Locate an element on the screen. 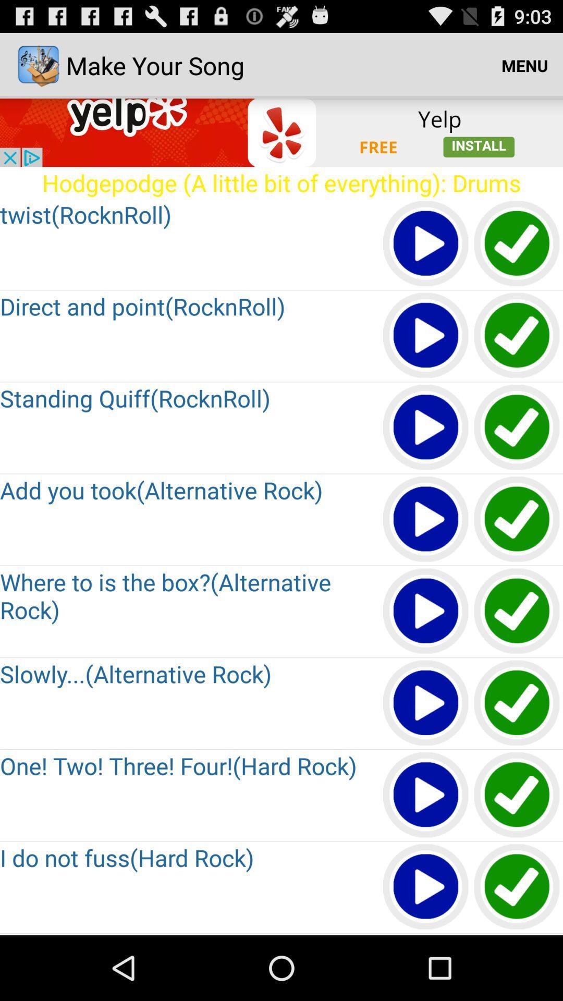  install yelp app is located at coordinates (281, 132).